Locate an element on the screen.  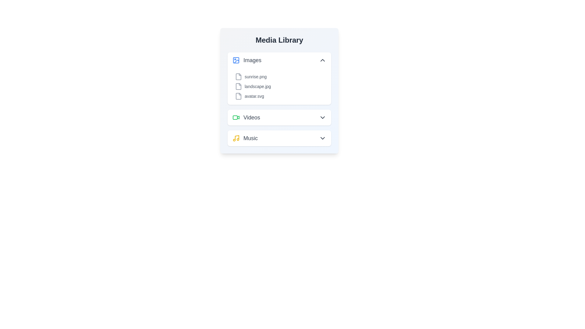
the first file entry in the 'Images' section of the Media Library card, which is located above the 'landscape.jpg' and 'avatar.svg' entries is located at coordinates (279, 76).